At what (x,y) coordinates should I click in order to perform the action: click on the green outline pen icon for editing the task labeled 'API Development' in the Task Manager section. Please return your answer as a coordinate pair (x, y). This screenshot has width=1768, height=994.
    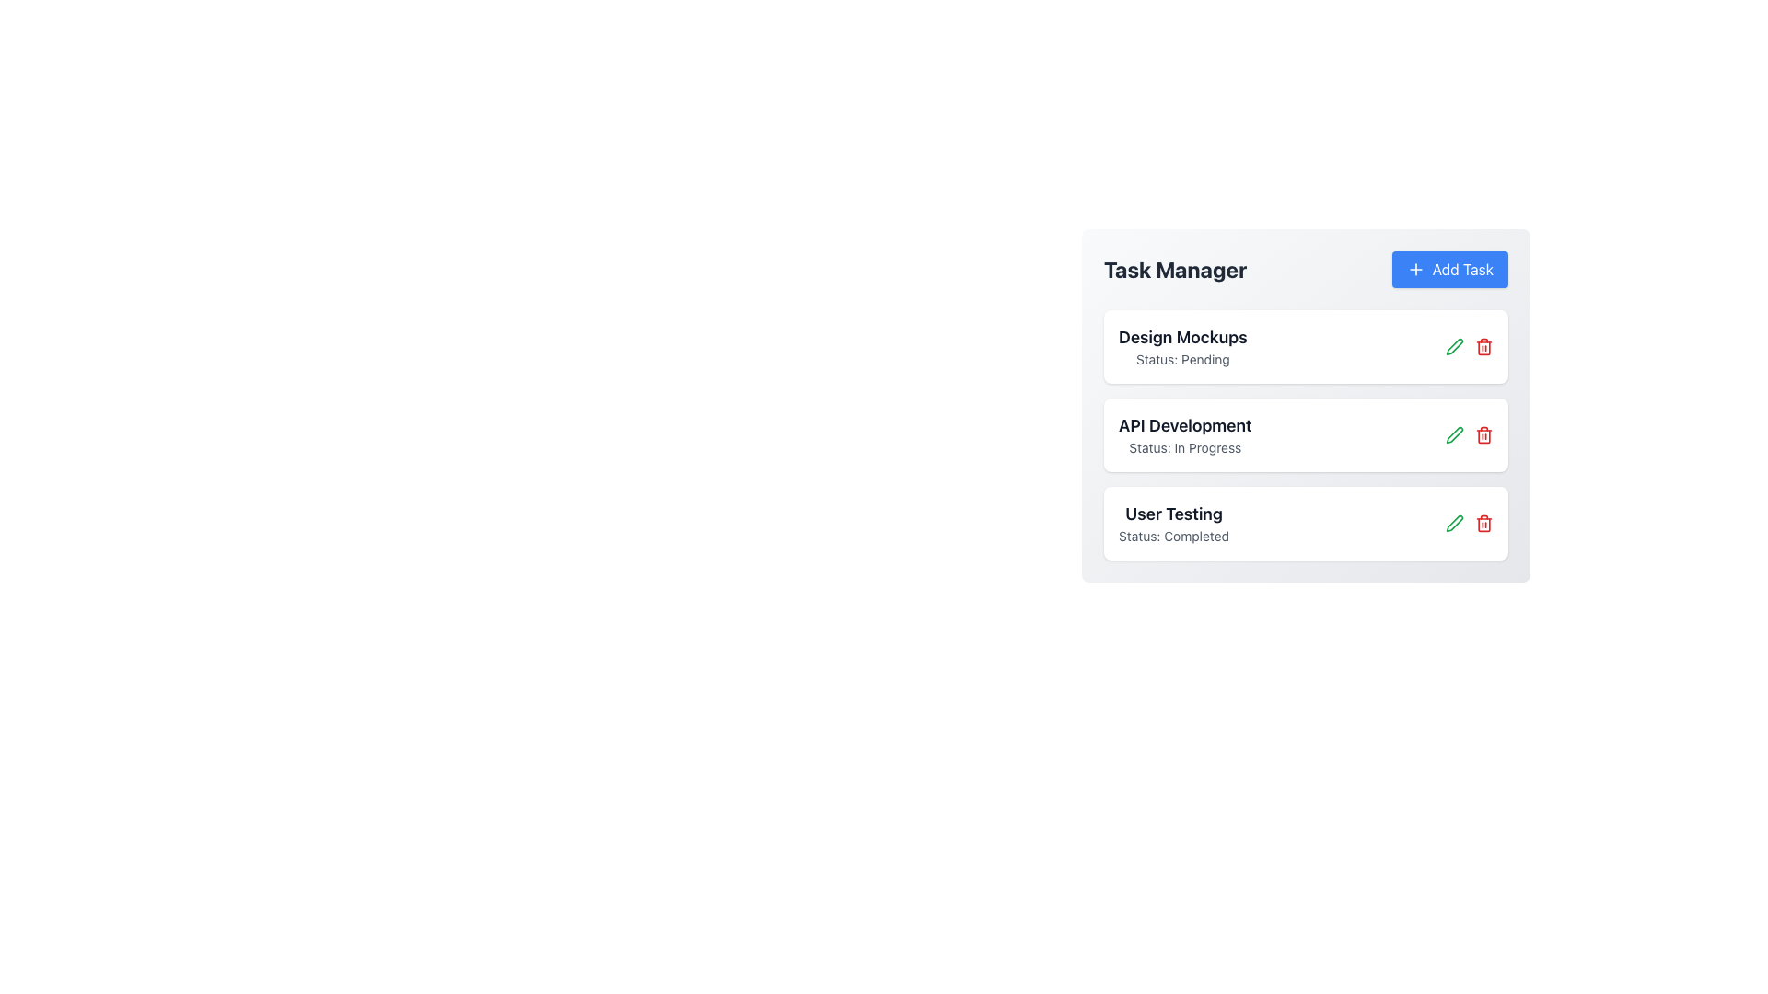
    Looking at the image, I should click on (1453, 345).